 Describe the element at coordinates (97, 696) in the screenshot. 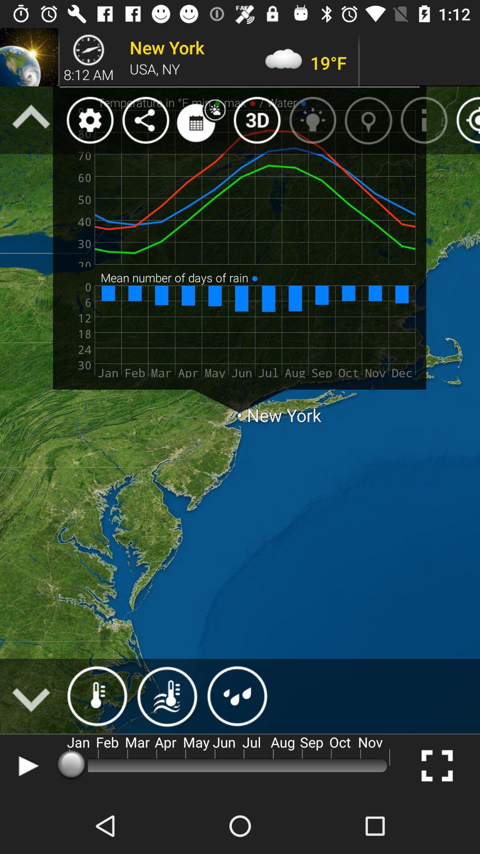

I see `the weather icon` at that location.